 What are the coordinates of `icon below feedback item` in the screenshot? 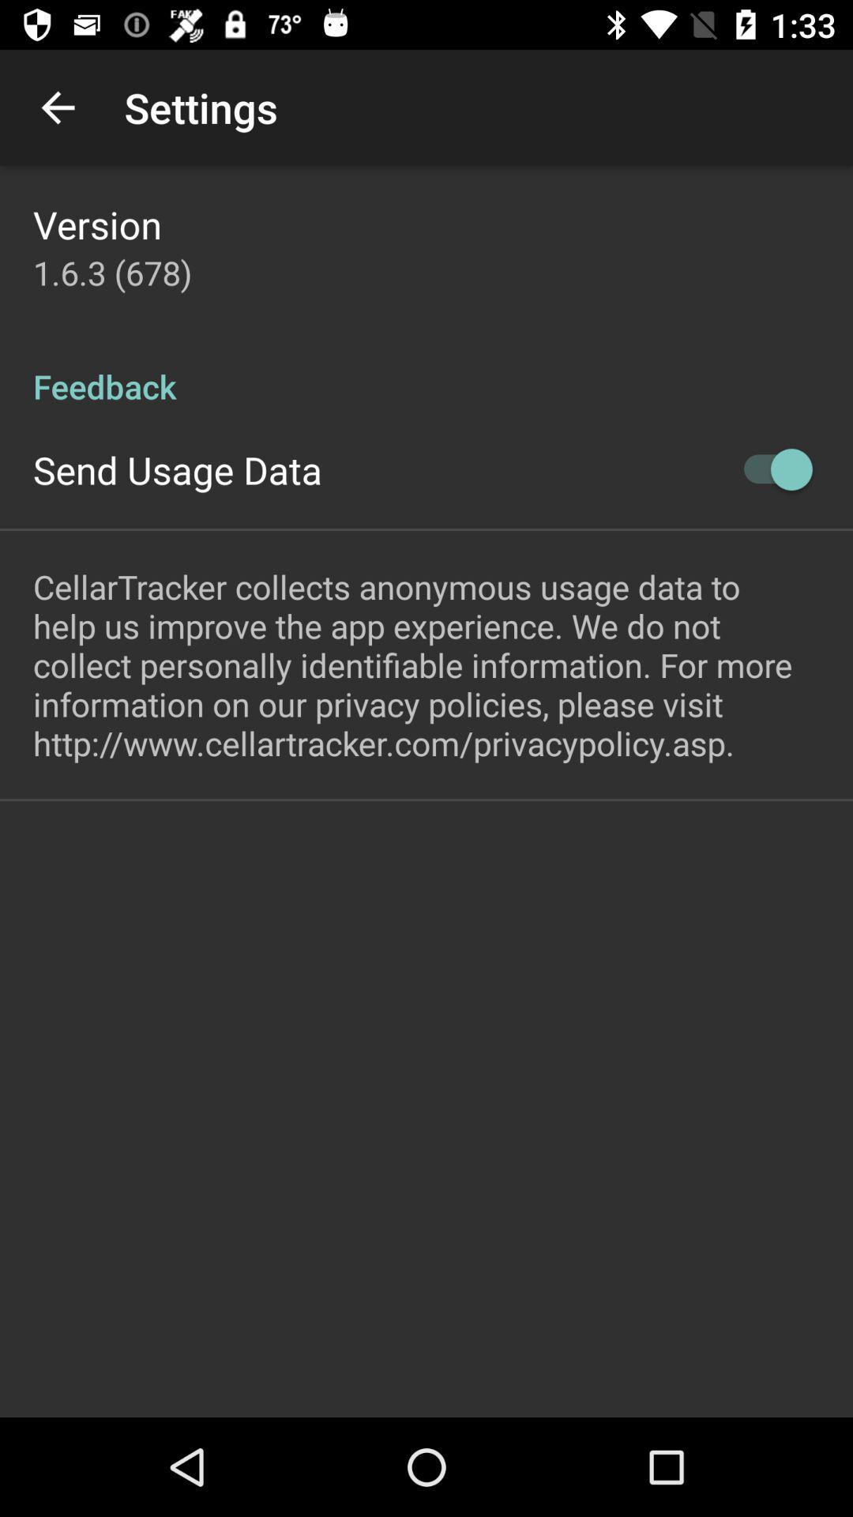 It's located at (769, 469).